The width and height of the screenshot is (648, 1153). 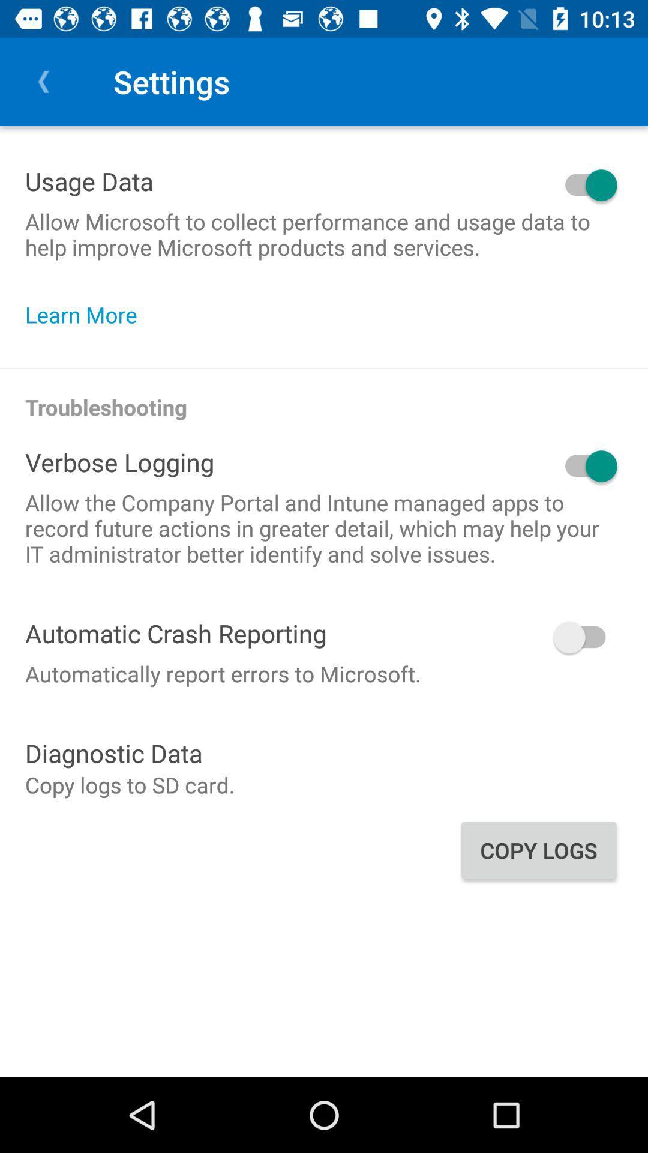 I want to click on learn more, so click(x=86, y=315).